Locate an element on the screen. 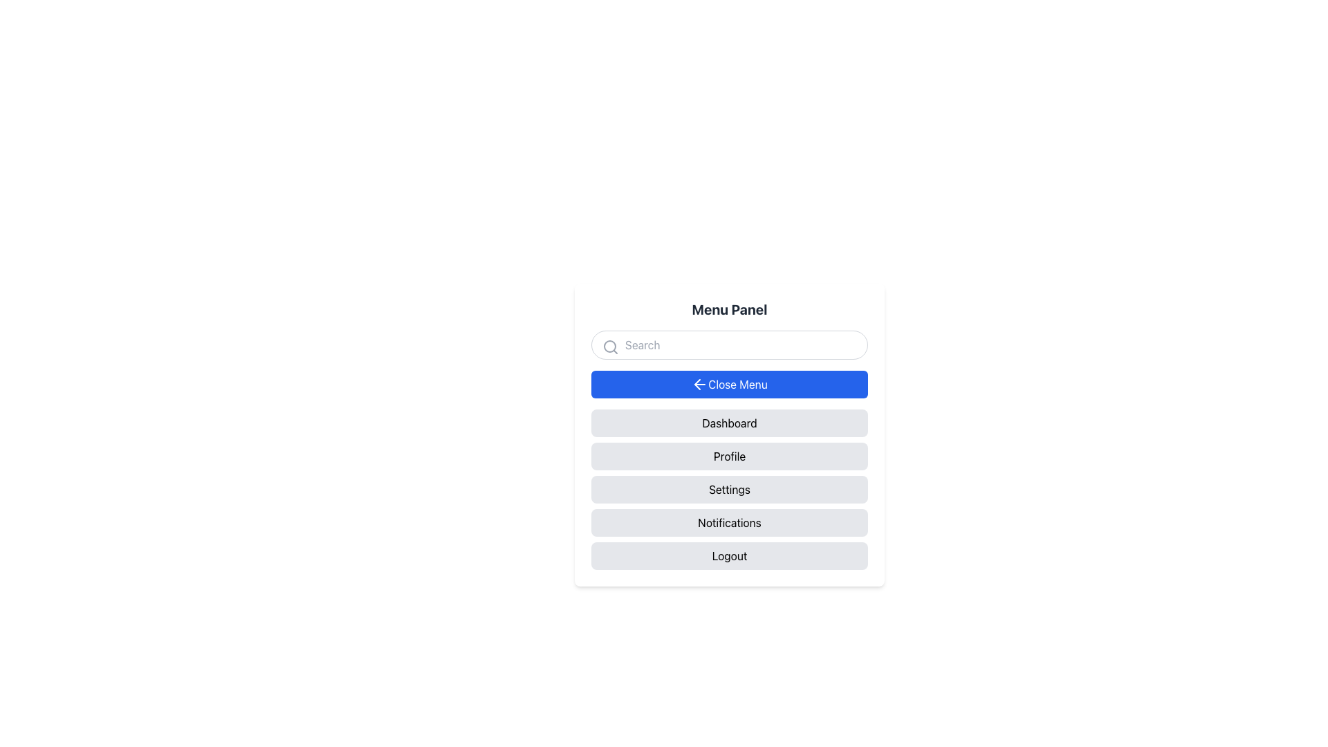 This screenshot has width=1328, height=747. the 'Settings' button located in the Menu Panel, which is the third item in the vertical list of menu options is located at coordinates (729, 489).